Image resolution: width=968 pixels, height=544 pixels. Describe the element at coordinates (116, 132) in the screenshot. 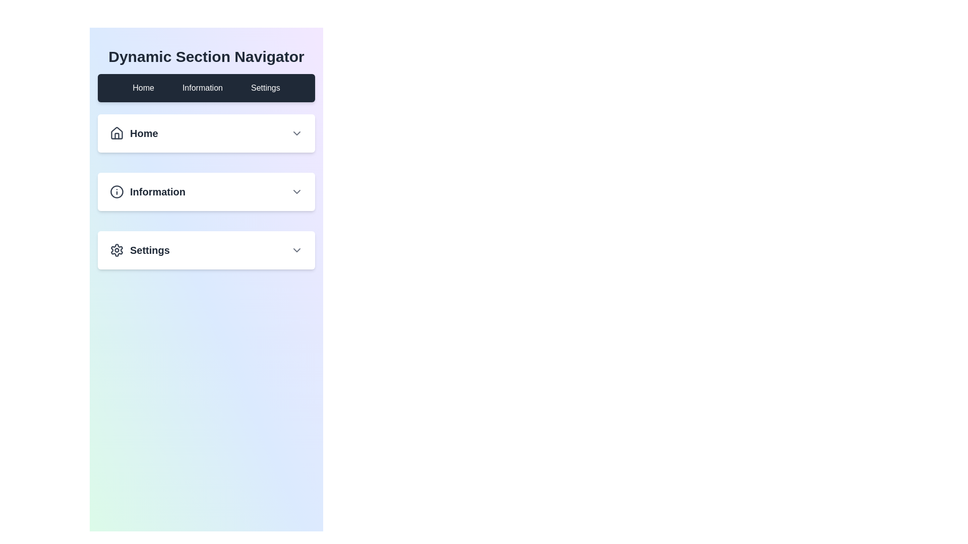

I see `the house icon within the 'Home' button in the first panel of the vertical navigation menu` at that location.